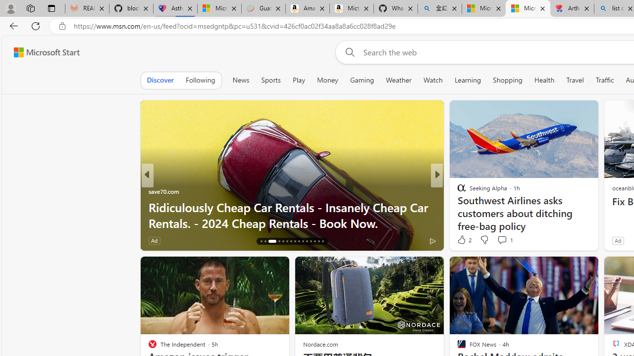 The height and width of the screenshot is (356, 634). Describe the element at coordinates (175, 8) in the screenshot. I see `'Asthma Inhalers: Names and Types'` at that location.